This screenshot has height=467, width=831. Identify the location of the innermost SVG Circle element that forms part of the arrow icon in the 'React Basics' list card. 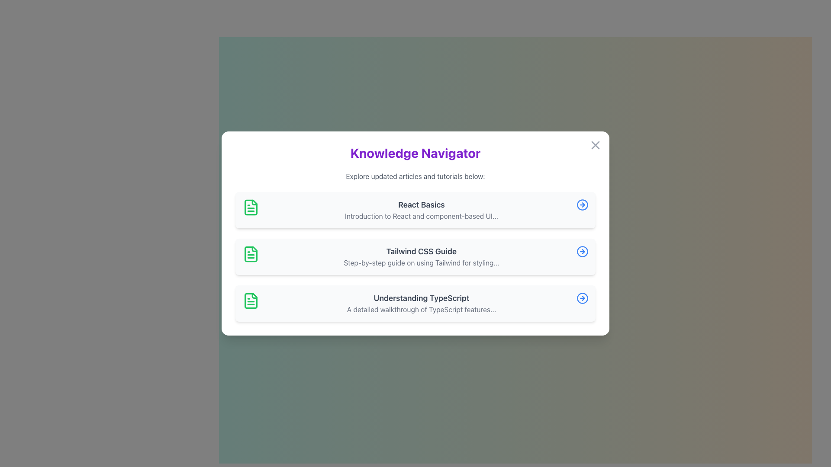
(582, 205).